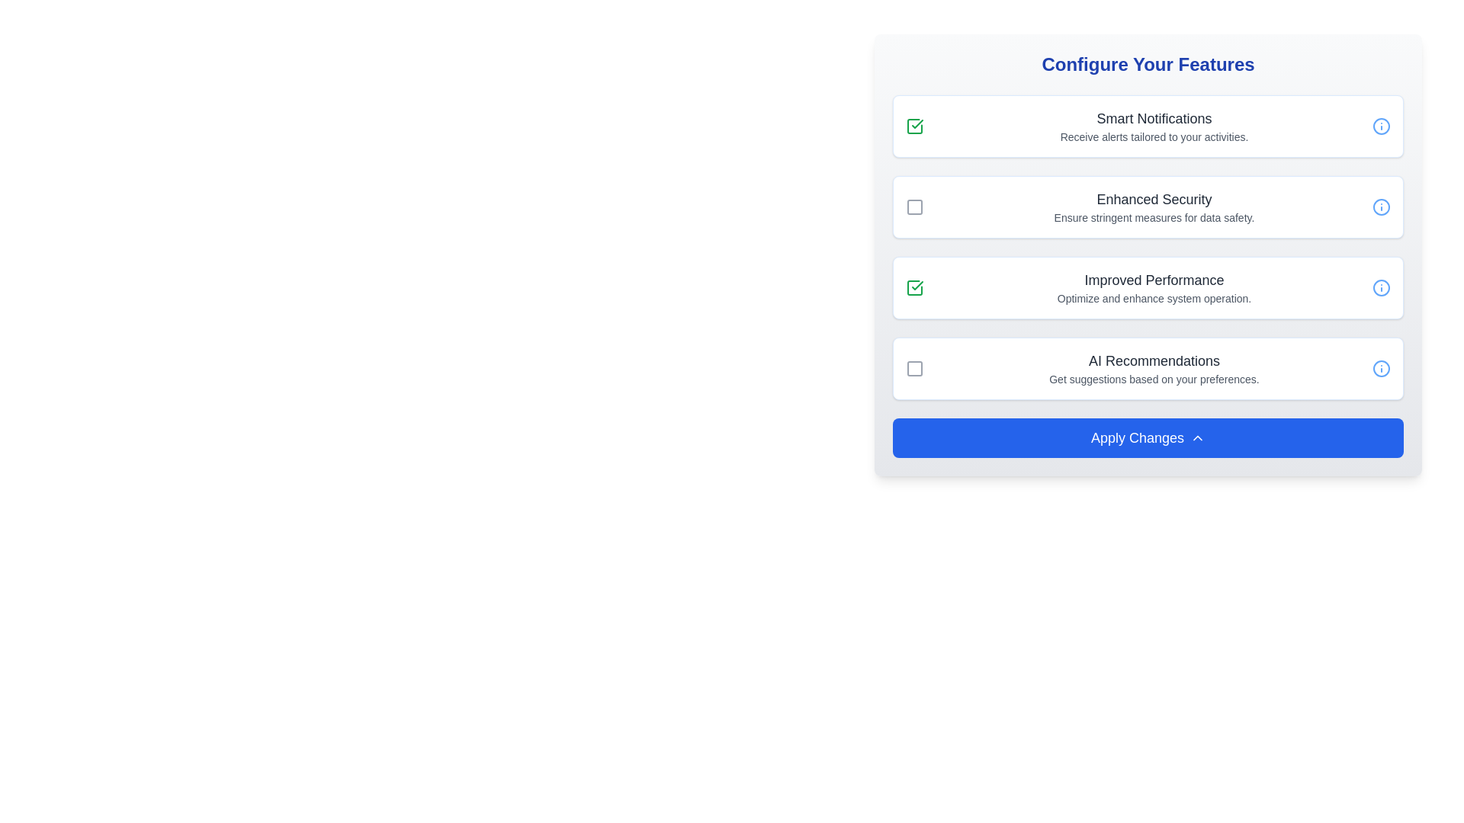 This screenshot has width=1464, height=823. I want to click on the information icon located in the 'Improved Performance' section, near the right boundary, so click(1381, 288).